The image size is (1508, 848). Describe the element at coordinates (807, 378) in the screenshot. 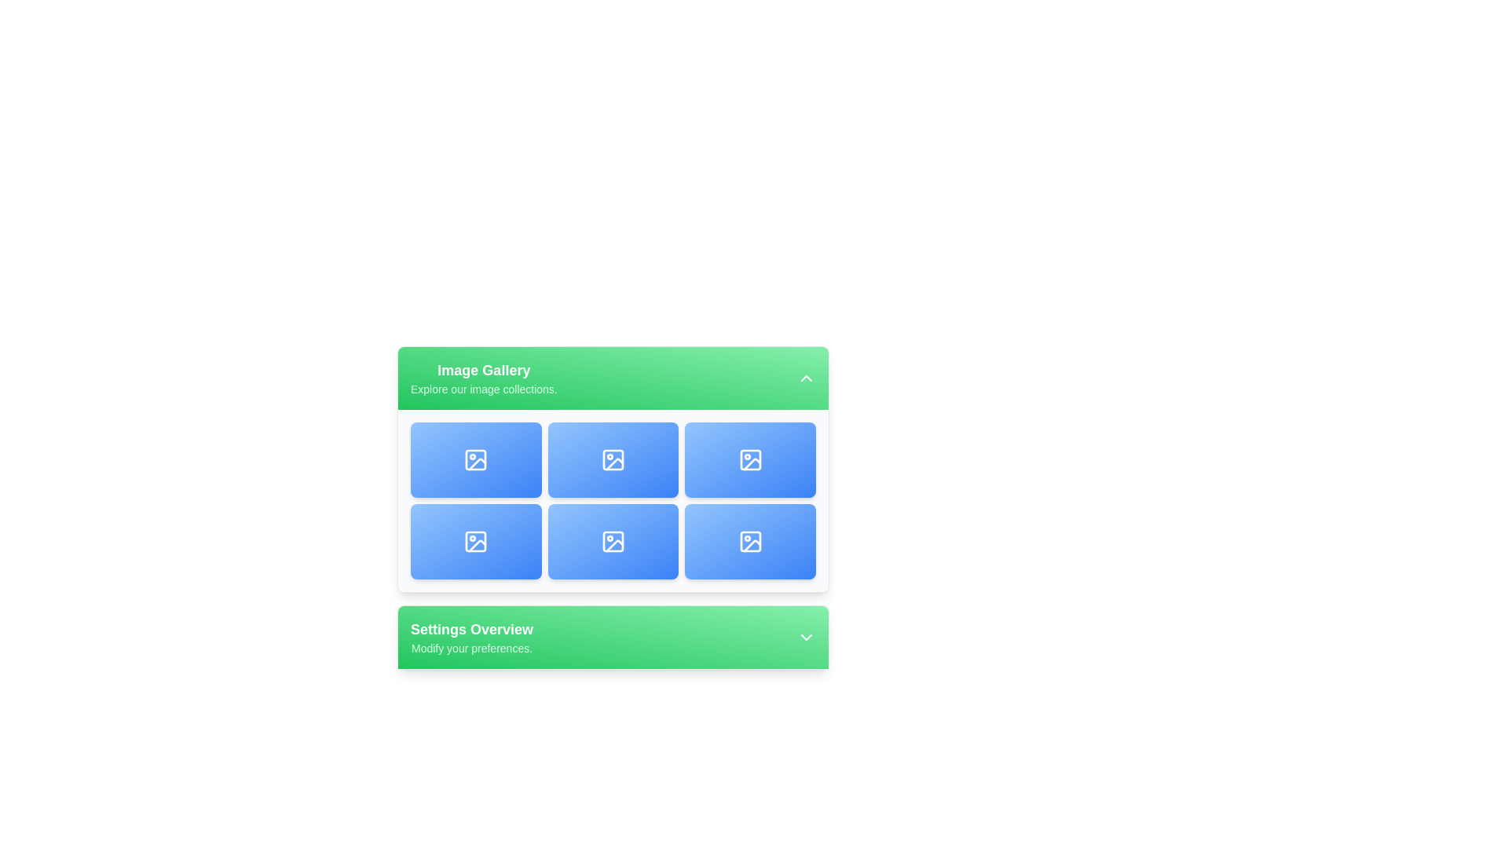

I see `the state of the upward-pointing chevron icon located at the top right corner of the green header titled 'Image Gallery'` at that location.